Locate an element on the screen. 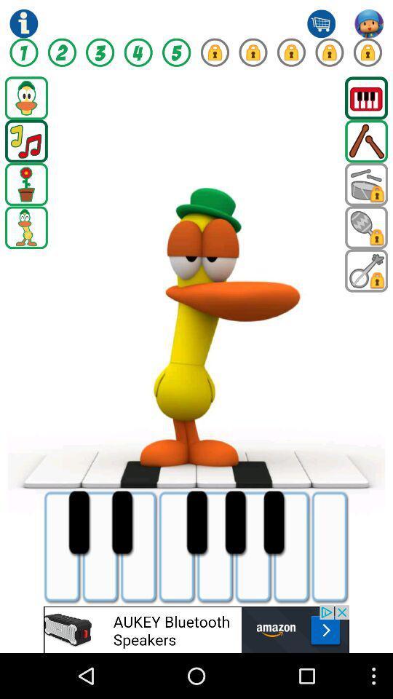 The height and width of the screenshot is (699, 393). fourth option is located at coordinates (138, 52).